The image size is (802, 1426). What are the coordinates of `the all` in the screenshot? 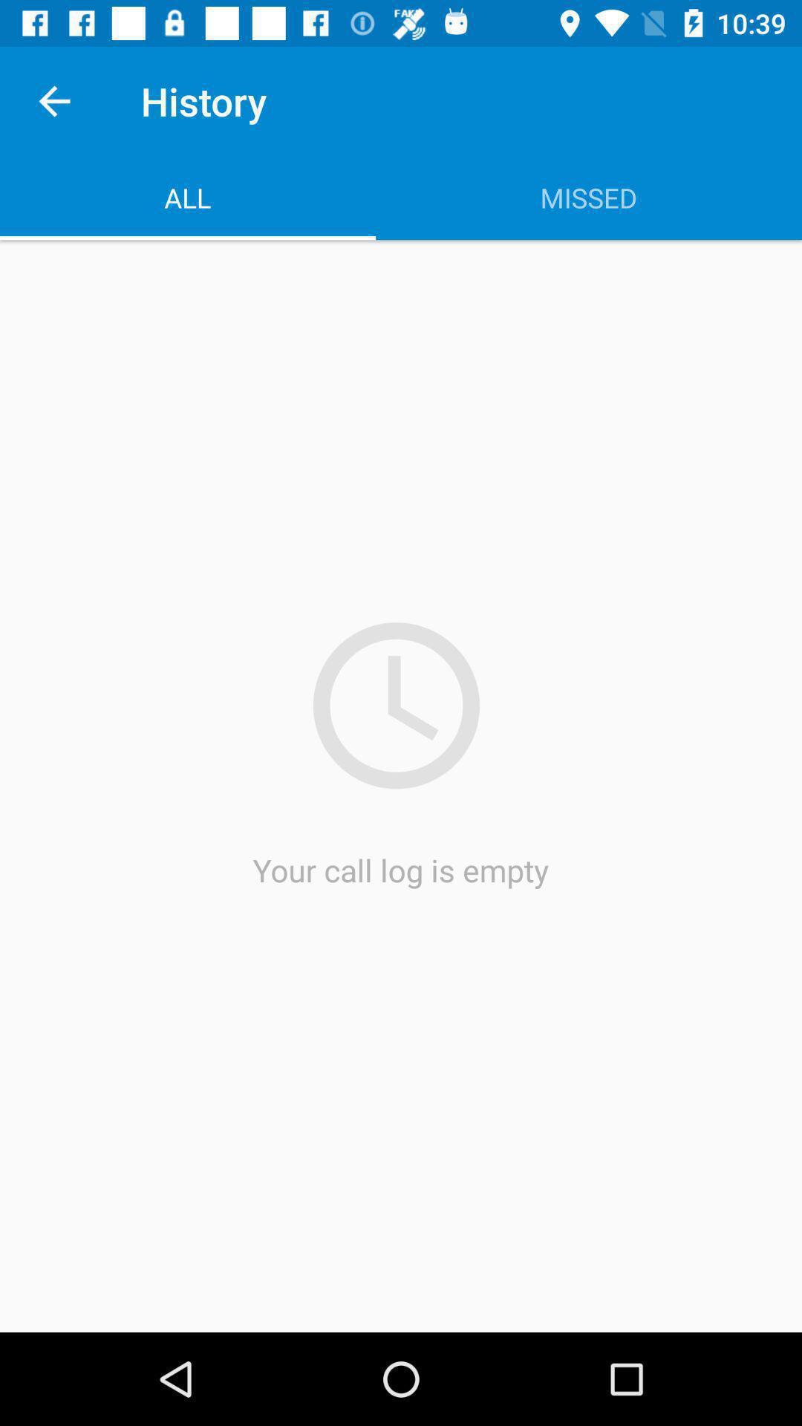 It's located at (187, 197).